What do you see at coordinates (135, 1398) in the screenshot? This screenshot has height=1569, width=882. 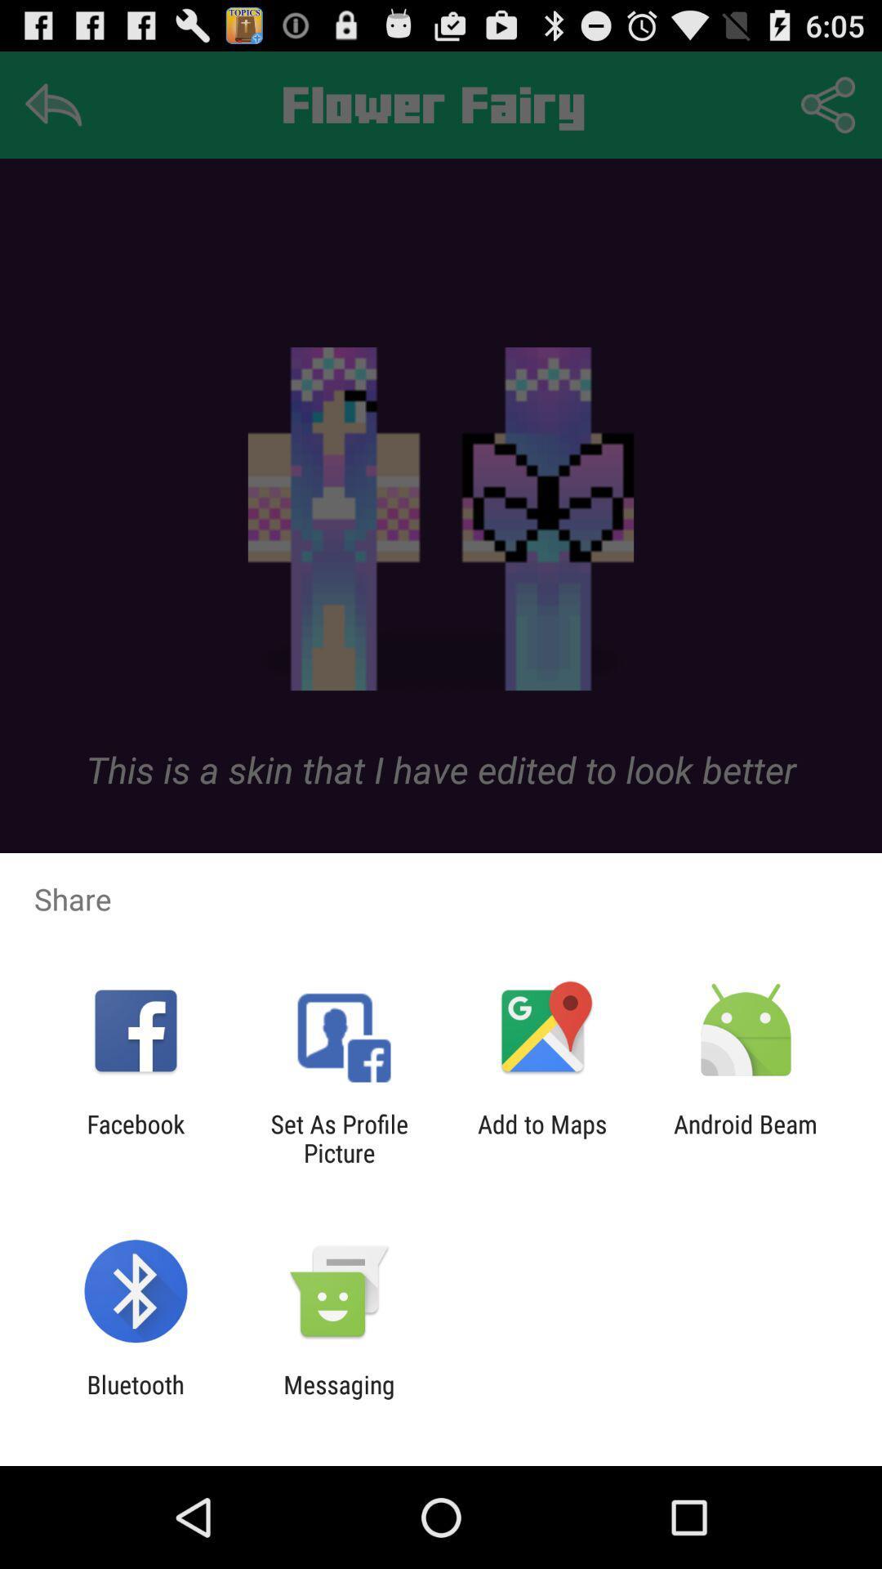 I see `the app next to the messaging app` at bounding box center [135, 1398].